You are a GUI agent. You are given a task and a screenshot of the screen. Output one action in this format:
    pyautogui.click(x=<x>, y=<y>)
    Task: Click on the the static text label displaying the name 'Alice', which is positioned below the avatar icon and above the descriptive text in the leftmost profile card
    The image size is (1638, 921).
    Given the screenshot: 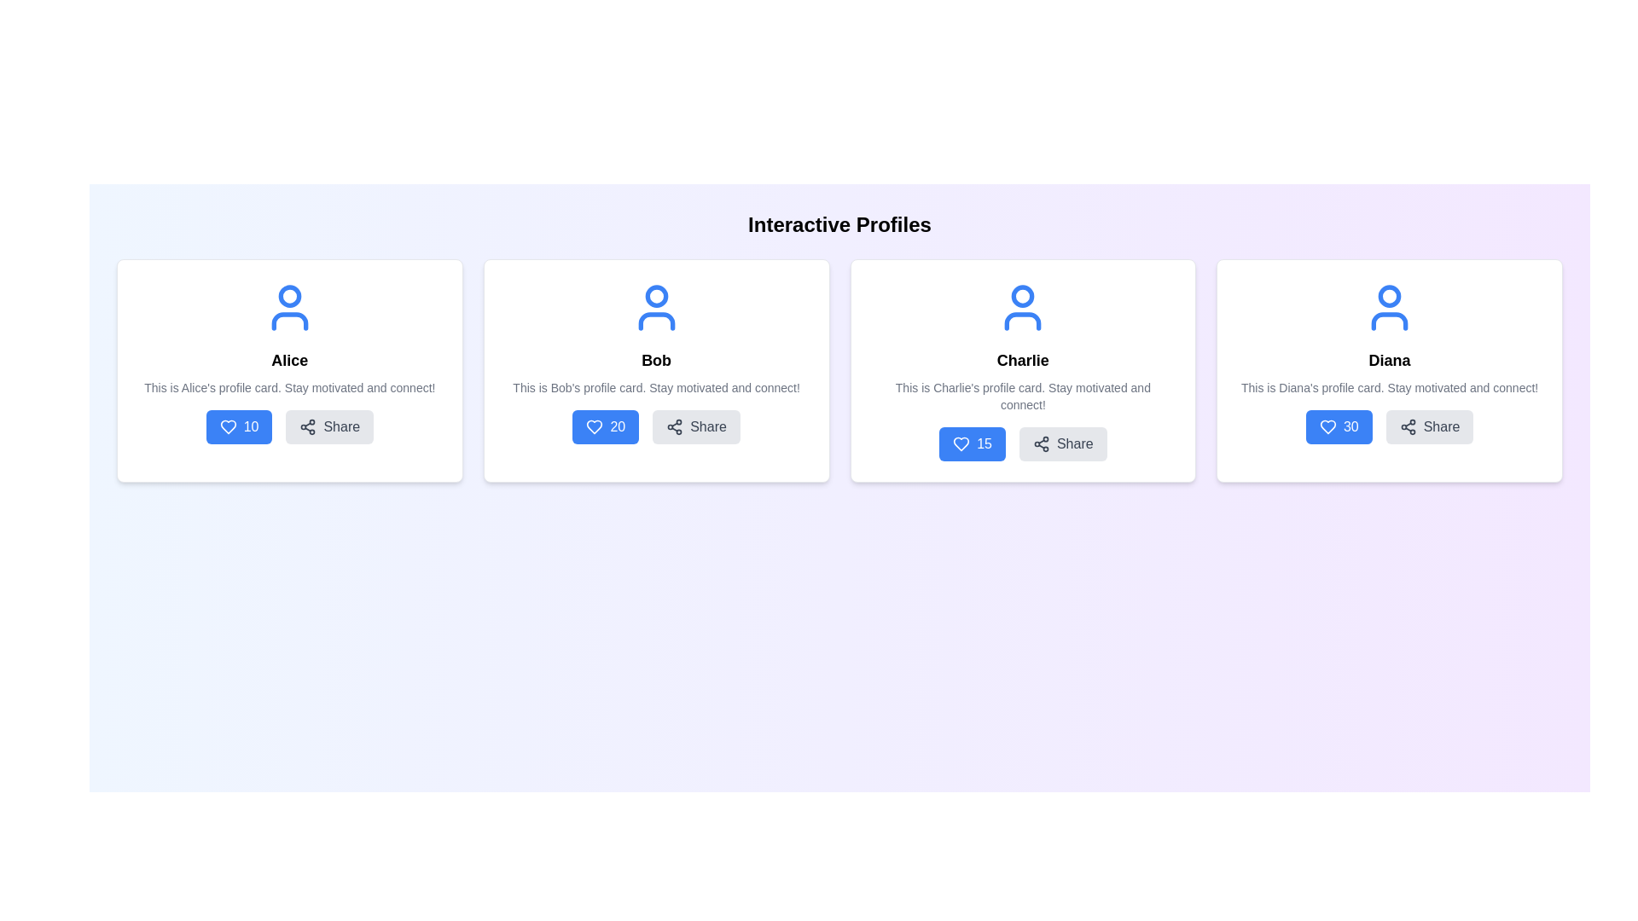 What is the action you would take?
    pyautogui.click(x=289, y=360)
    